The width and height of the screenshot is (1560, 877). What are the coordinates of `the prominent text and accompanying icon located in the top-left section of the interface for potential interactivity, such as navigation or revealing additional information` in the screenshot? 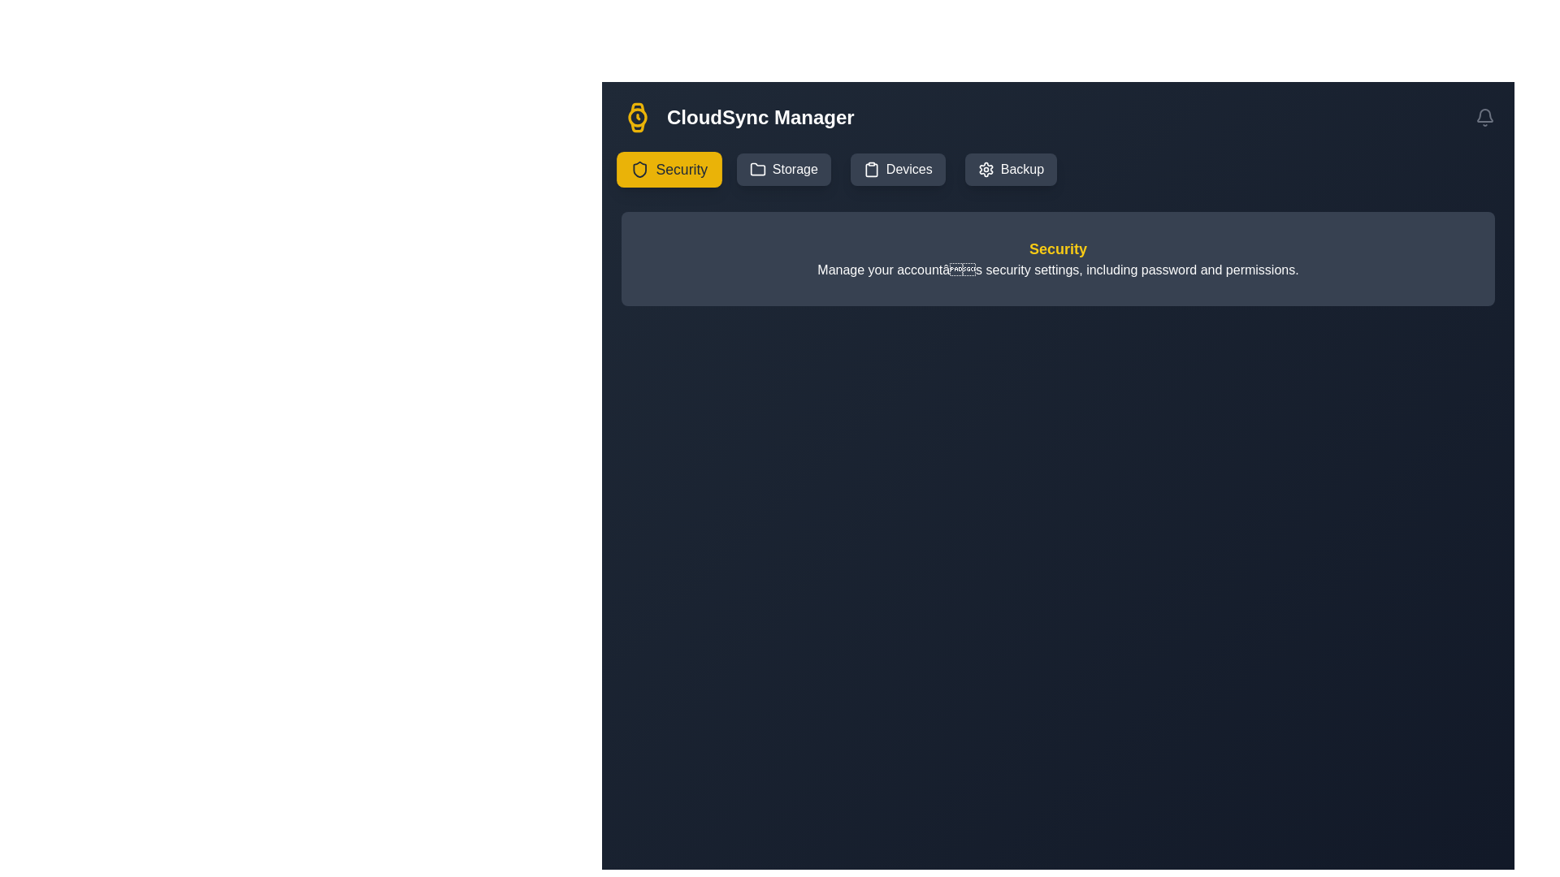 It's located at (736, 117).